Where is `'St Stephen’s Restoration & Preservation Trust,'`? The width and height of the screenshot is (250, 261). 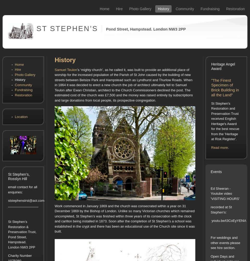 'St Stephen’s Restoration & Preservation Trust,' is located at coordinates (22, 227).